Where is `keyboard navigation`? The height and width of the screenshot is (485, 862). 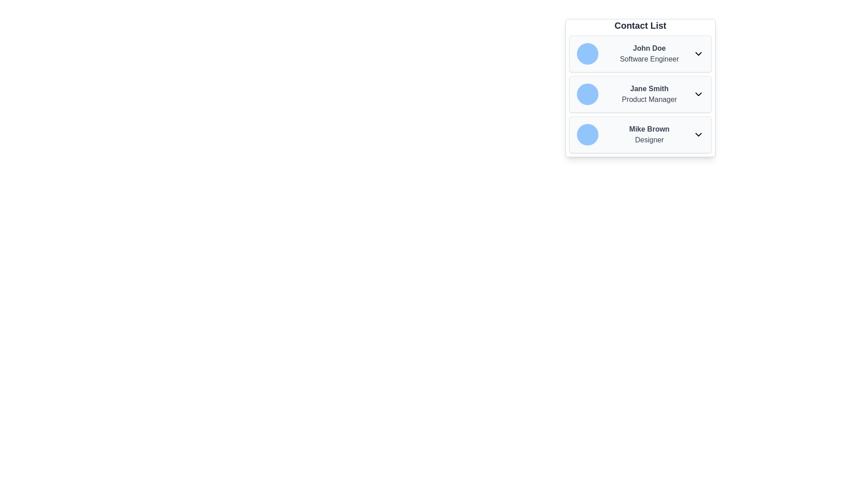 keyboard navigation is located at coordinates (698, 53).